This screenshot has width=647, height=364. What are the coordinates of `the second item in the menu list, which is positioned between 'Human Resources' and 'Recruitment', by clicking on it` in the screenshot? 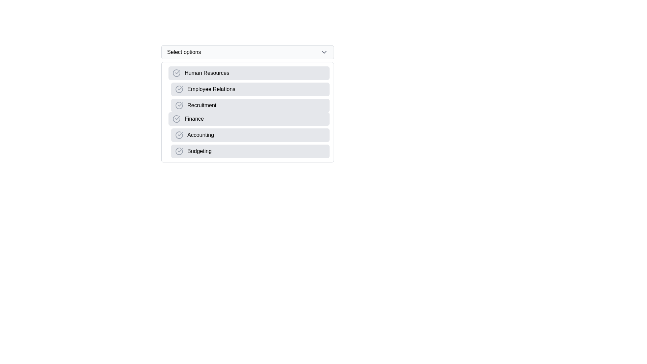 It's located at (249, 89).